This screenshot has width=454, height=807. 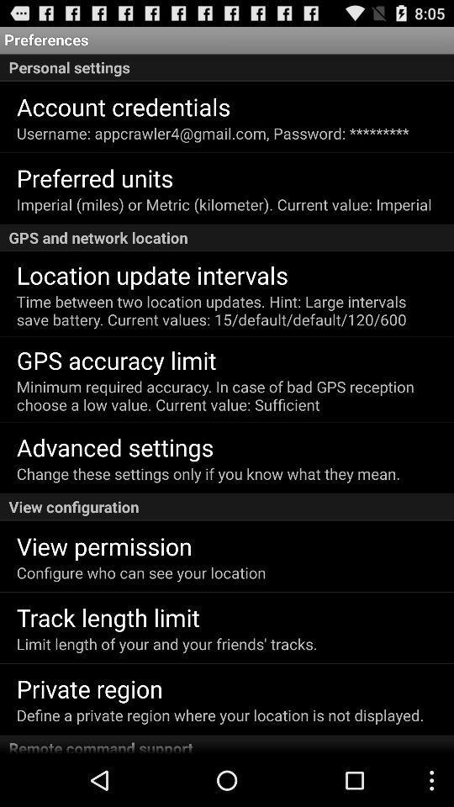 I want to click on change these settings item, so click(x=209, y=473).